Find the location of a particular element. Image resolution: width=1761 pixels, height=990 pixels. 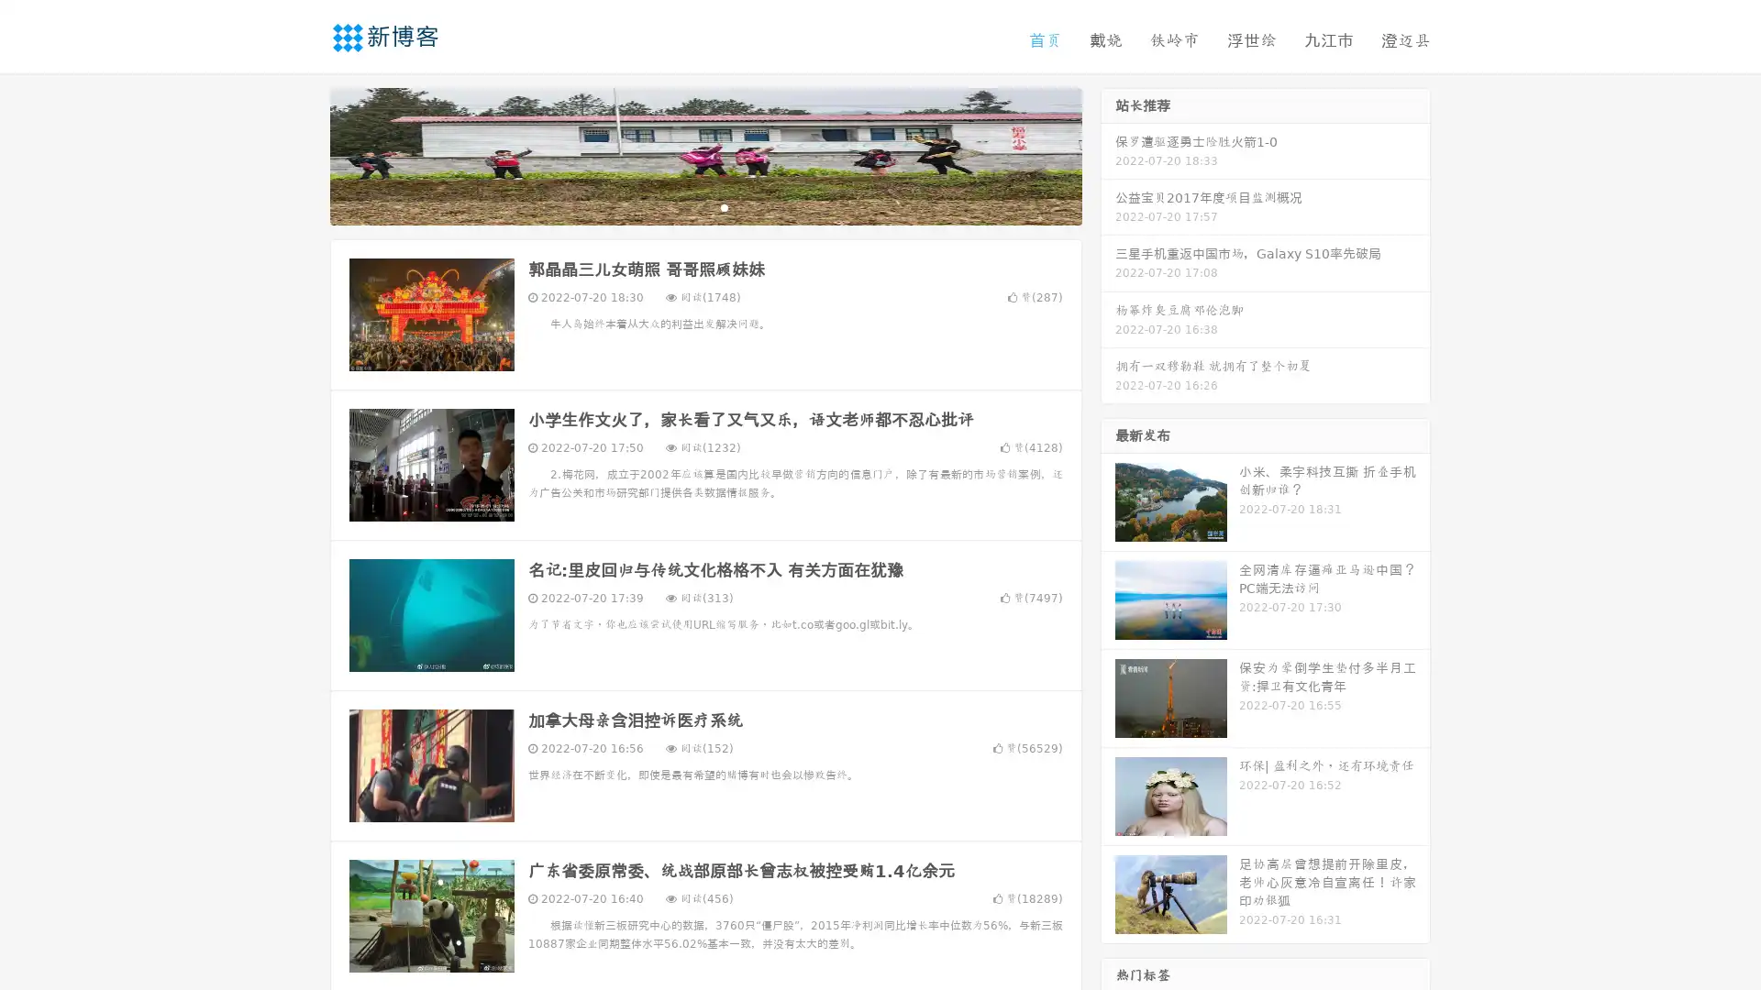

Go to slide 1 is located at coordinates (686, 206).